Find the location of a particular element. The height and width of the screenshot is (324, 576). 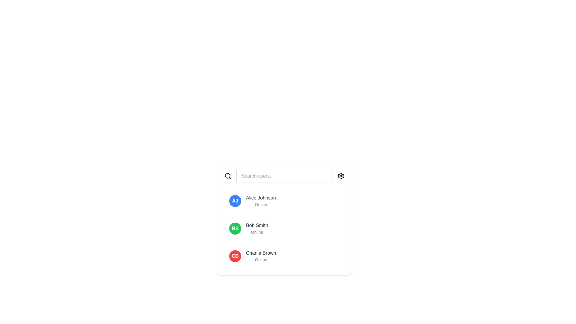

the user profile entry located at the third position is located at coordinates (284, 256).